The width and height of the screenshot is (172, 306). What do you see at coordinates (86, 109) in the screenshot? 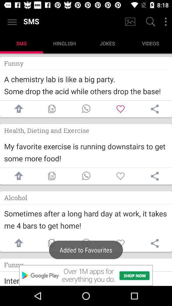
I see `share joke` at bounding box center [86, 109].